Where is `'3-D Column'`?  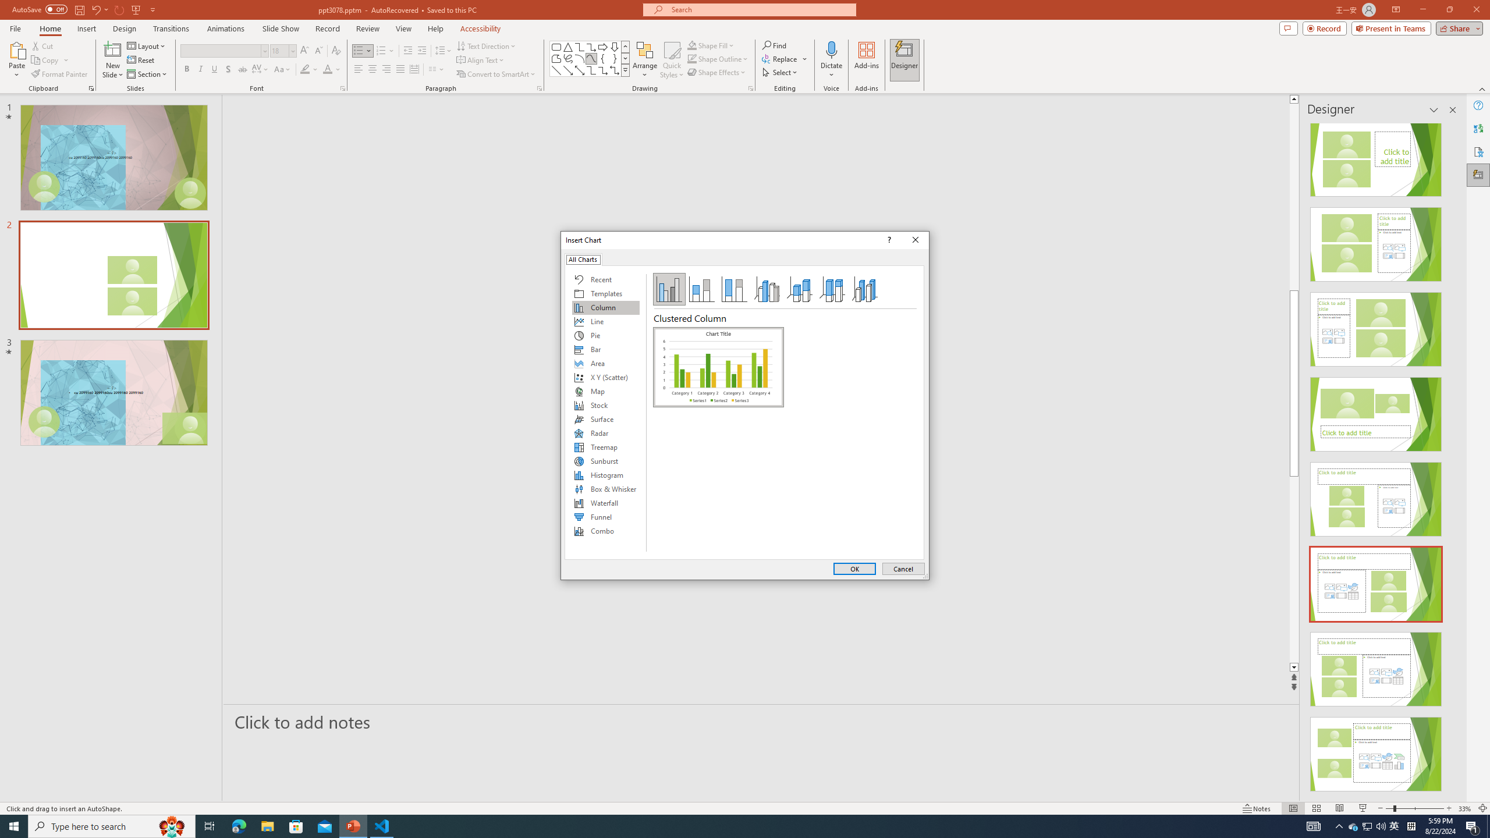 '3-D Column' is located at coordinates (864, 289).